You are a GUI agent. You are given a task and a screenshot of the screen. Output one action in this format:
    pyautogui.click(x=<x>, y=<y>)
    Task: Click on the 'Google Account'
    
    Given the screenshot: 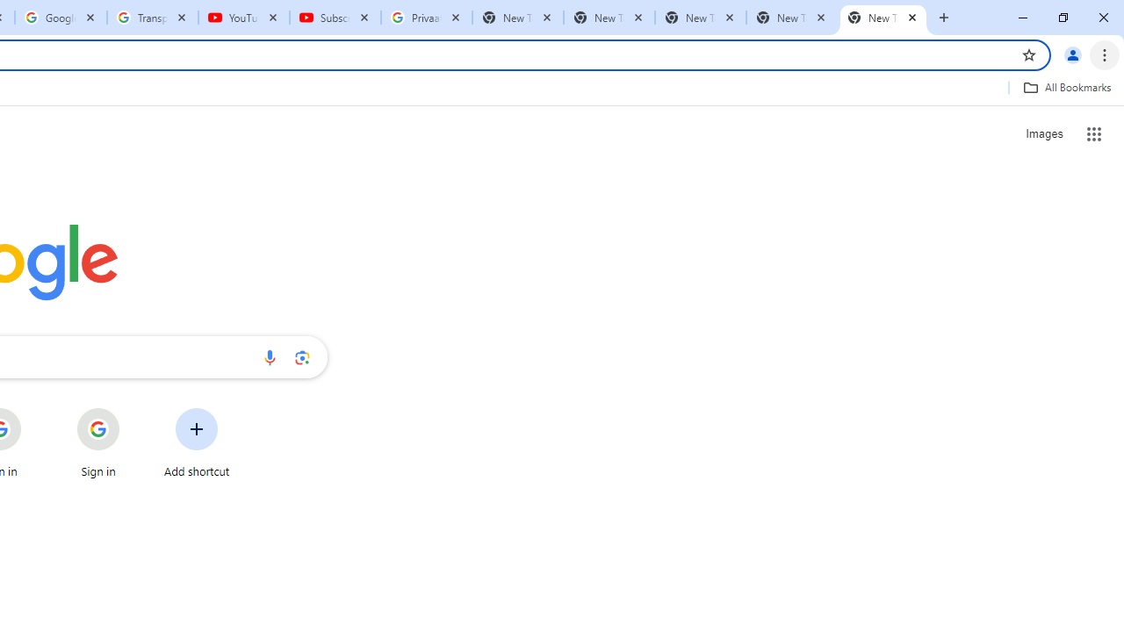 What is the action you would take?
    pyautogui.click(x=61, y=18)
    